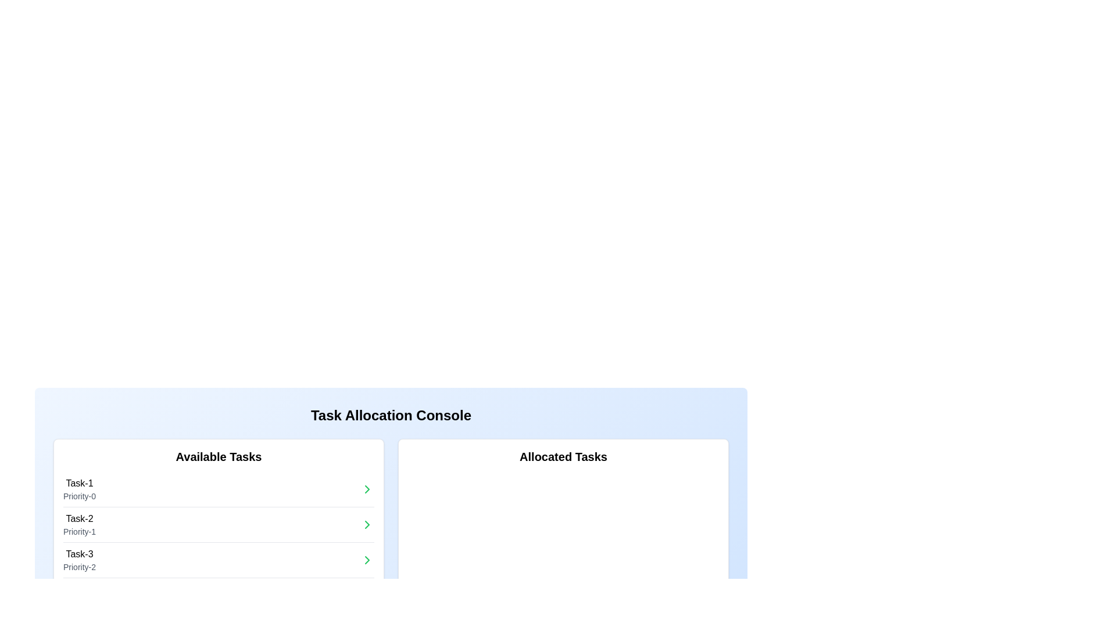  What do you see at coordinates (367, 524) in the screenshot?
I see `the Icon Button located at the right side of the 'Task-2 Priority-1' entry in the Task Allocation Console under 'Available Tasks'` at bounding box center [367, 524].